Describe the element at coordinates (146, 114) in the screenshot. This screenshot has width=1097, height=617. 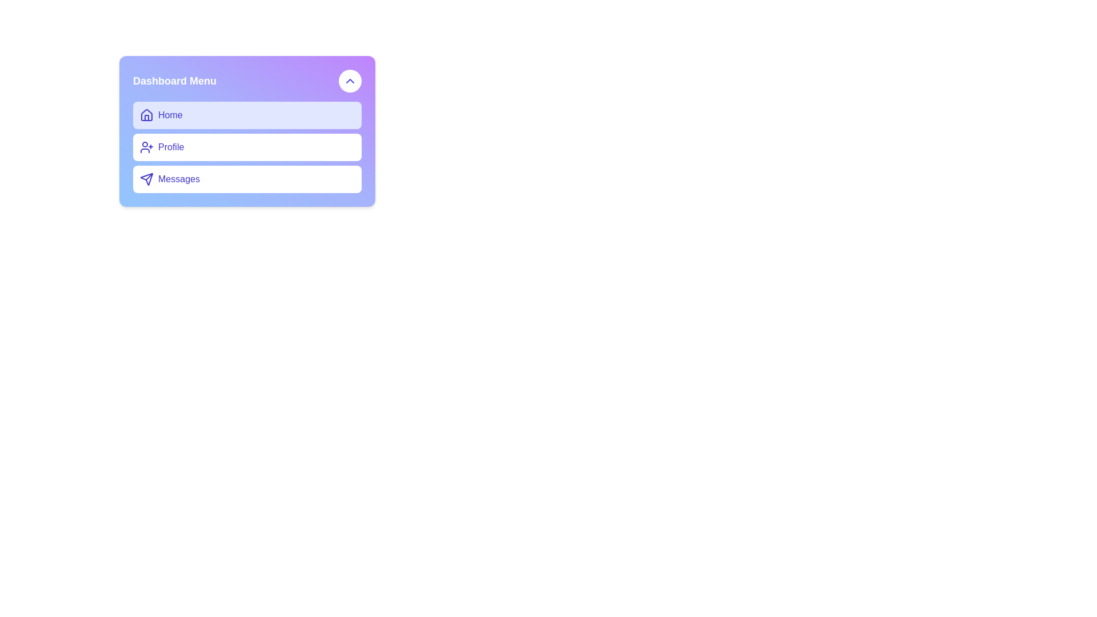
I see `the house icon in the navigation bar` at that location.